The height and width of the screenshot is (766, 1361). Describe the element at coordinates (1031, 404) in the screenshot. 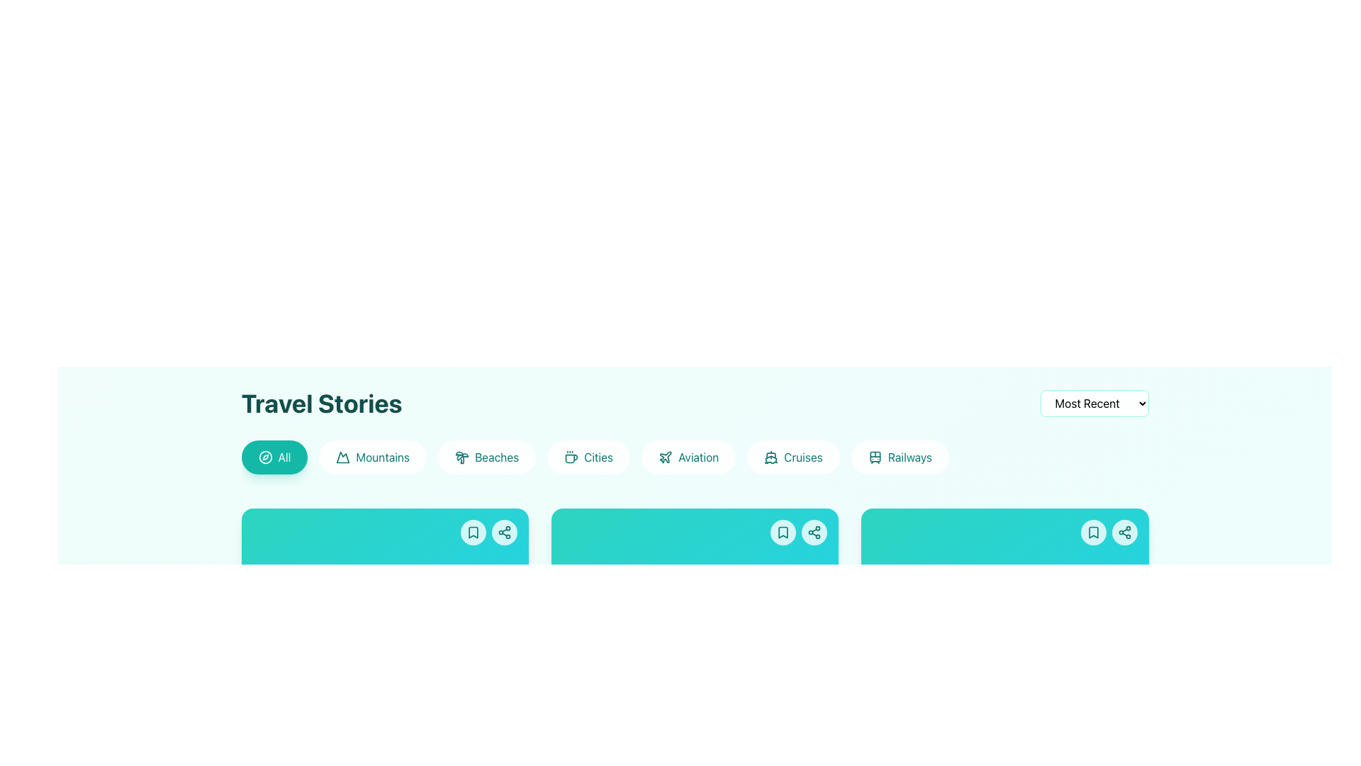

I see `the appearance of the Share Icon located to the left of the 'Share Comparison' label, which serves as a representation for sharing functionality` at that location.